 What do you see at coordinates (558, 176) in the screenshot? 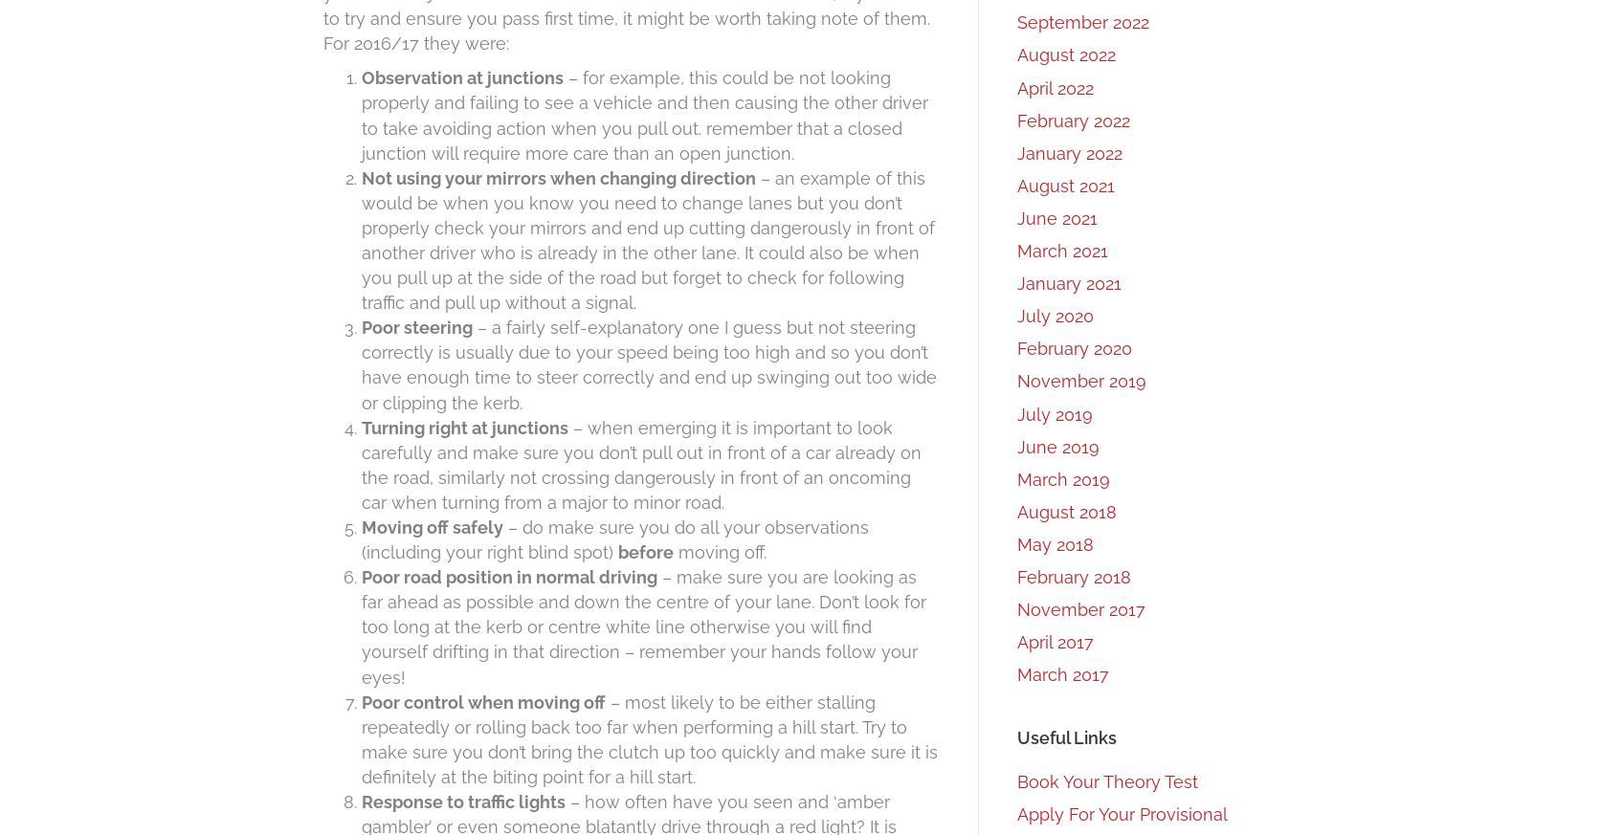
I see `'Not using your mirrors when changing direction'` at bounding box center [558, 176].